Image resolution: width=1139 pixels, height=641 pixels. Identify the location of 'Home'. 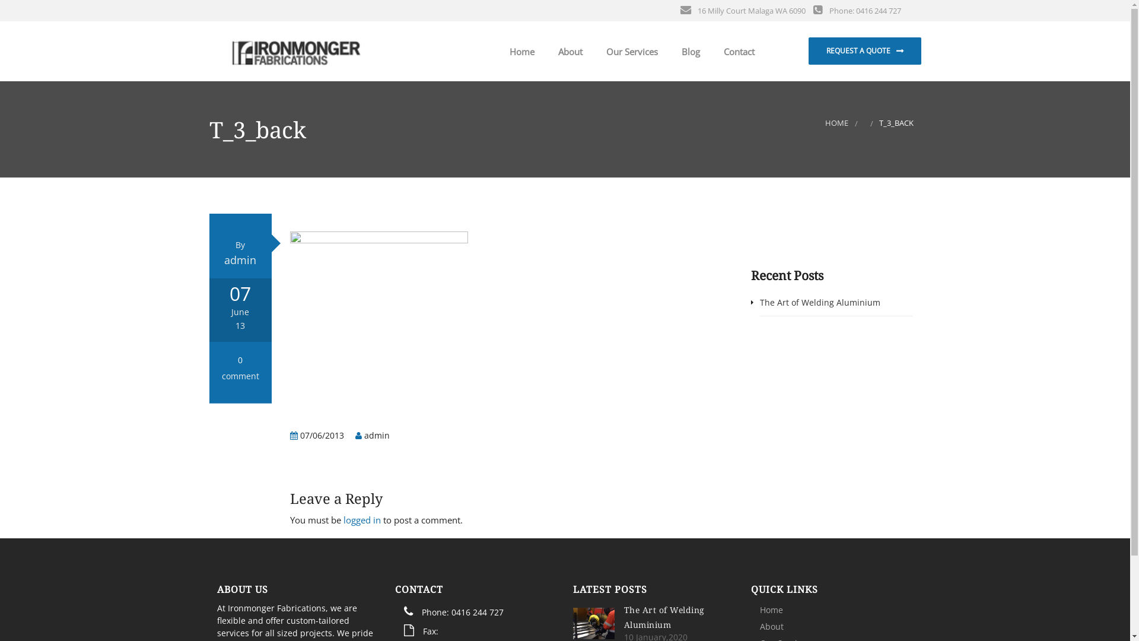
(771, 610).